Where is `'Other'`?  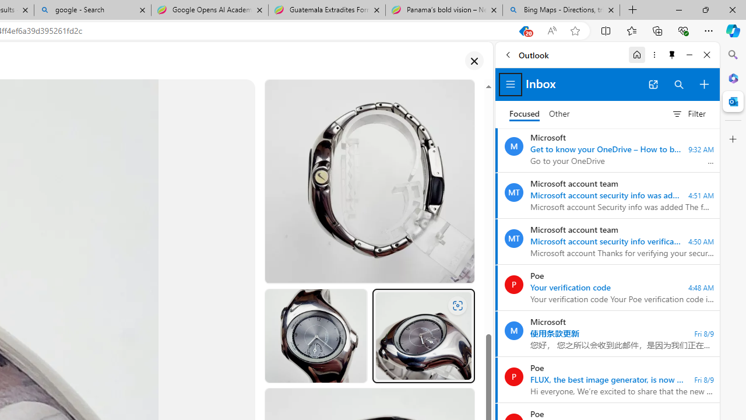 'Other' is located at coordinates (559, 114).